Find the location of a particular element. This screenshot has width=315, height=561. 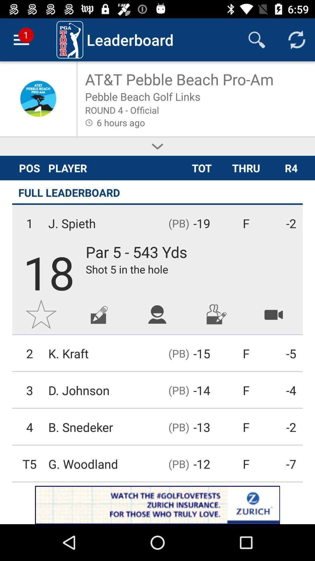

click for video is located at coordinates (274, 314).